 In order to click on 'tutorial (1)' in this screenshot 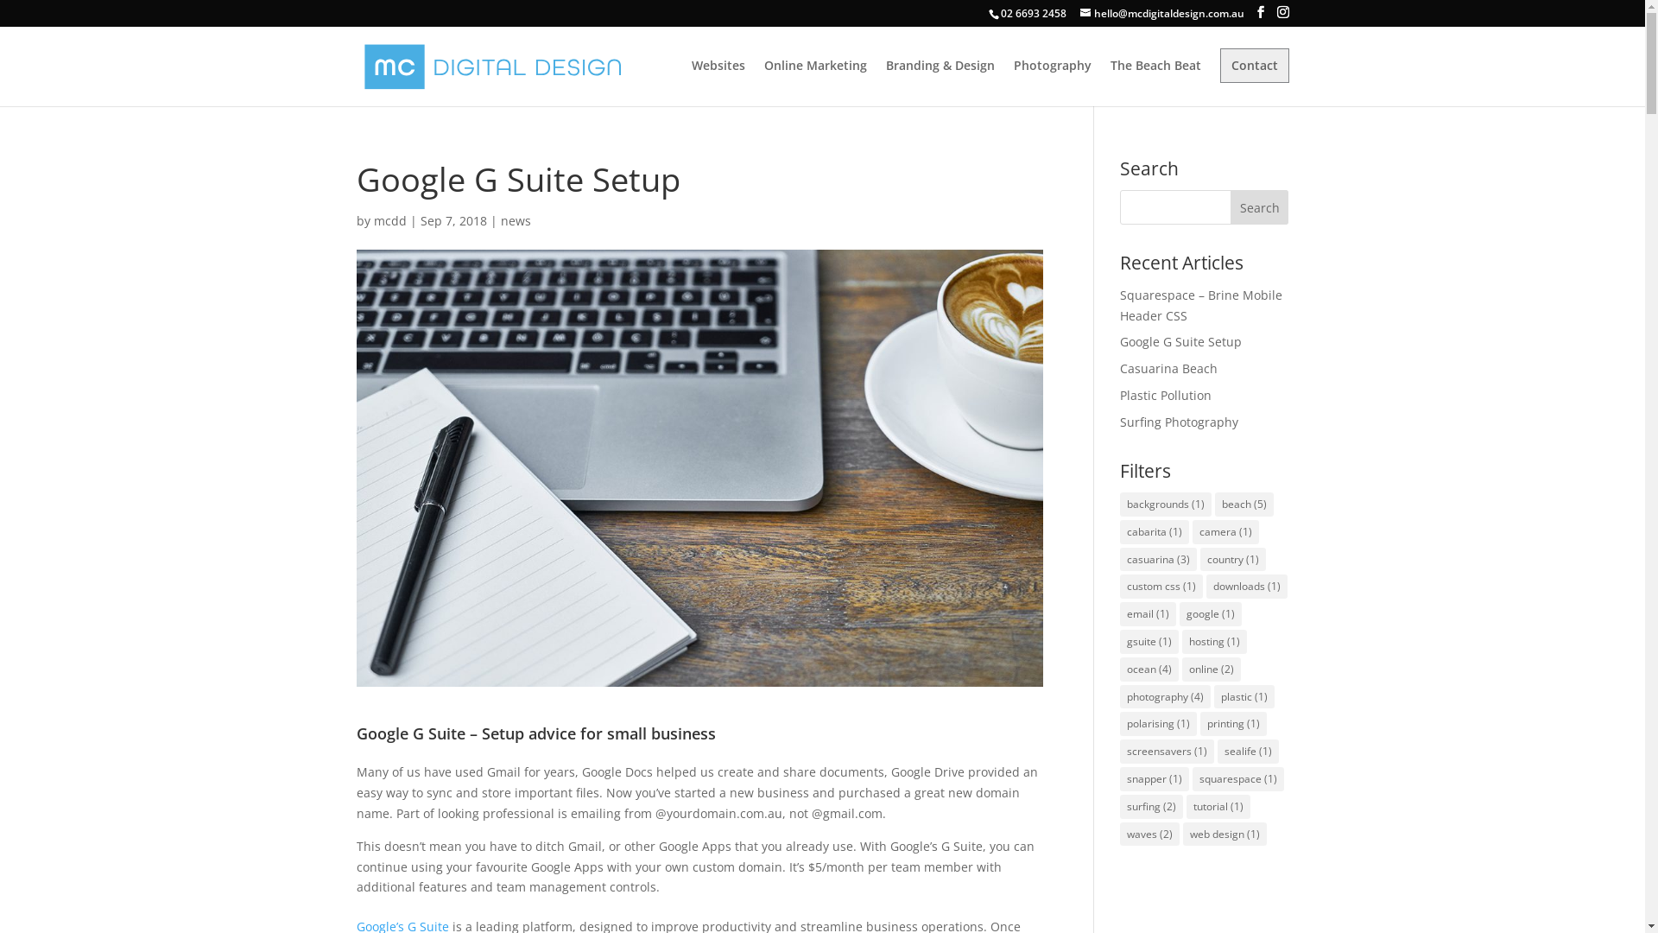, I will do `click(1218, 806)`.